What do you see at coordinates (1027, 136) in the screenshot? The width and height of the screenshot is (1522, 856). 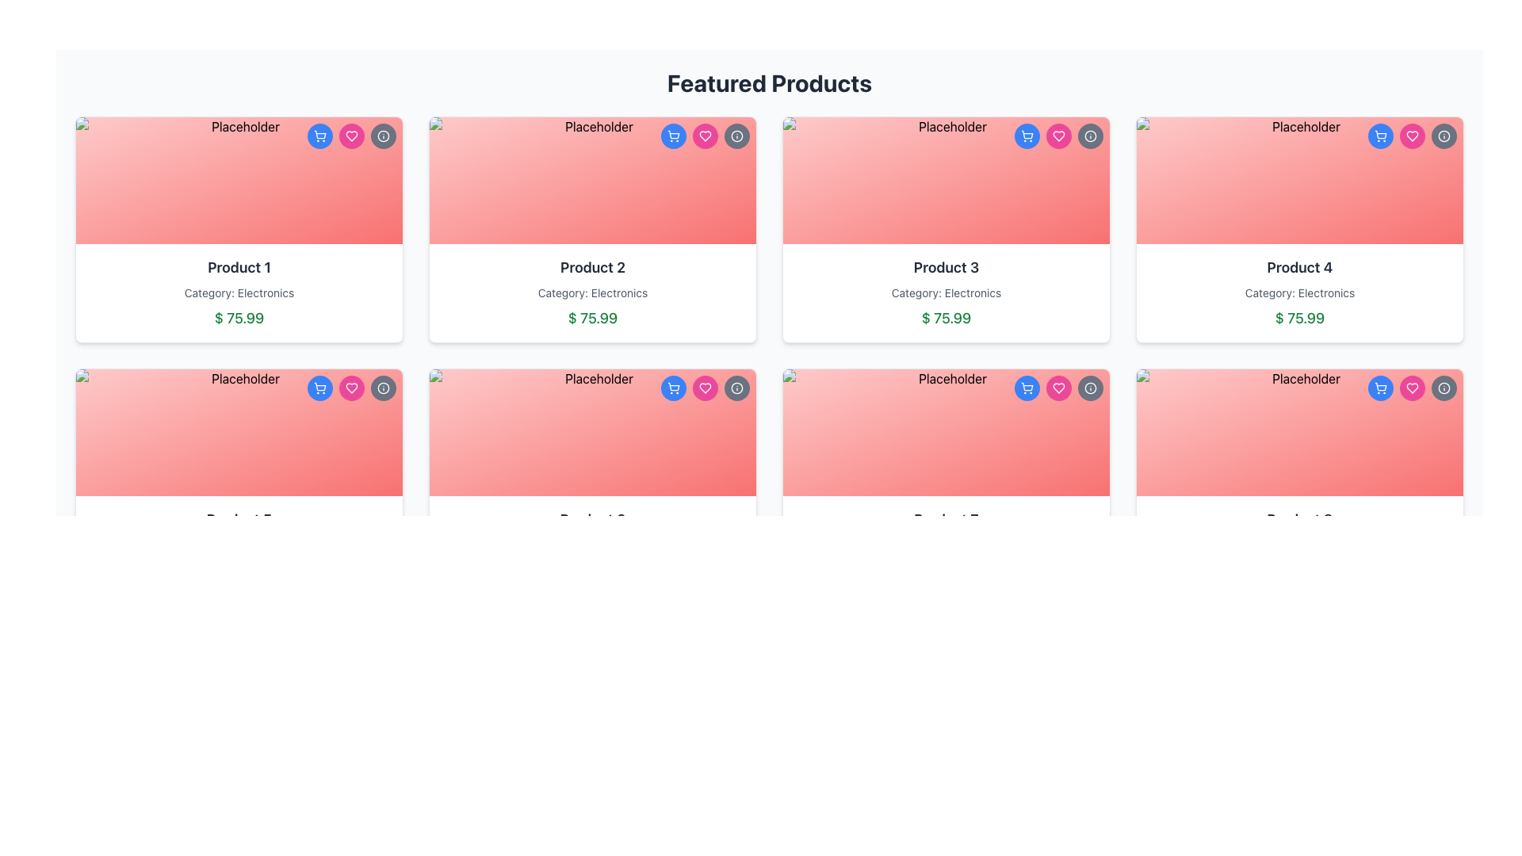 I see `the shopping cart icon for 'Product 3'` at bounding box center [1027, 136].